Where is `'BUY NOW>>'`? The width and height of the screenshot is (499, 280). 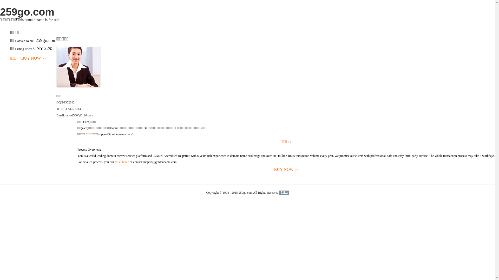
'BUY NOW>>' is located at coordinates (33, 58).